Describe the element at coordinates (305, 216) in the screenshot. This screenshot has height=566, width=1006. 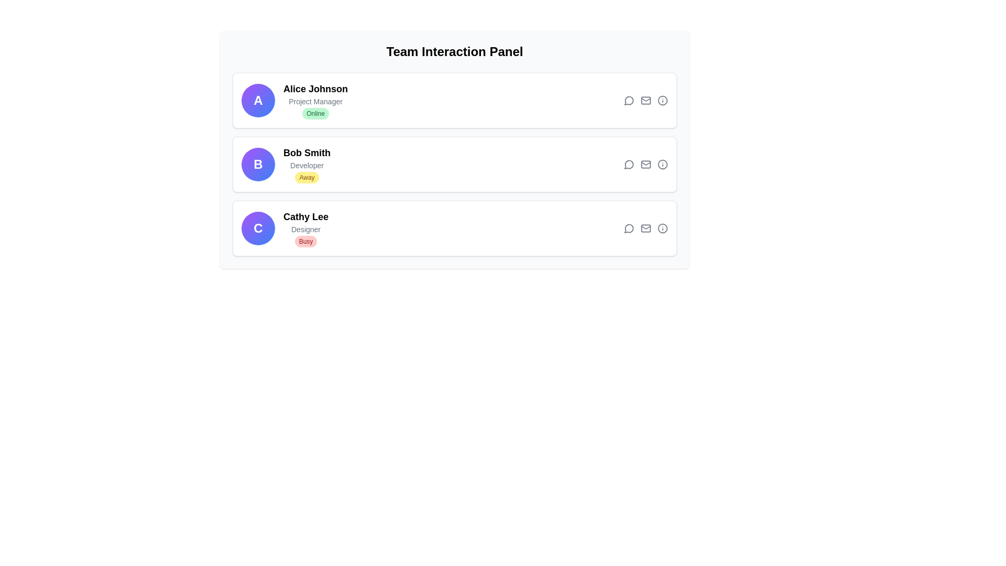
I see `the text label displaying 'Cathy Lee', which is a bold, larger font size element in a user information panel, located in the third list item of a sequence` at that location.